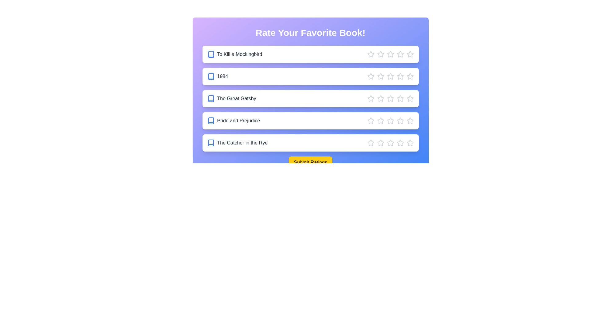 The image size is (590, 332). Describe the element at coordinates (370, 143) in the screenshot. I see `the star corresponding to 1 stars for the book 'The Catcher in the Rye'` at that location.